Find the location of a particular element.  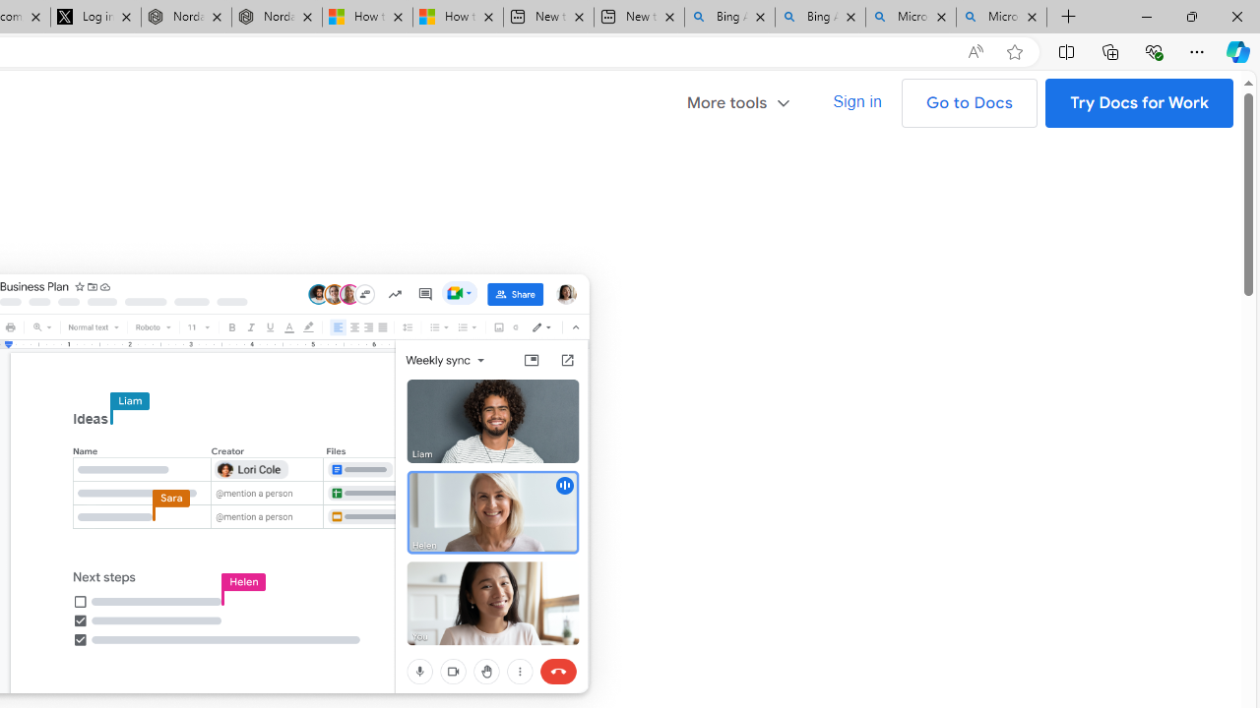

'Microsoft Bing Timeline - Search' is located at coordinates (1001, 17).